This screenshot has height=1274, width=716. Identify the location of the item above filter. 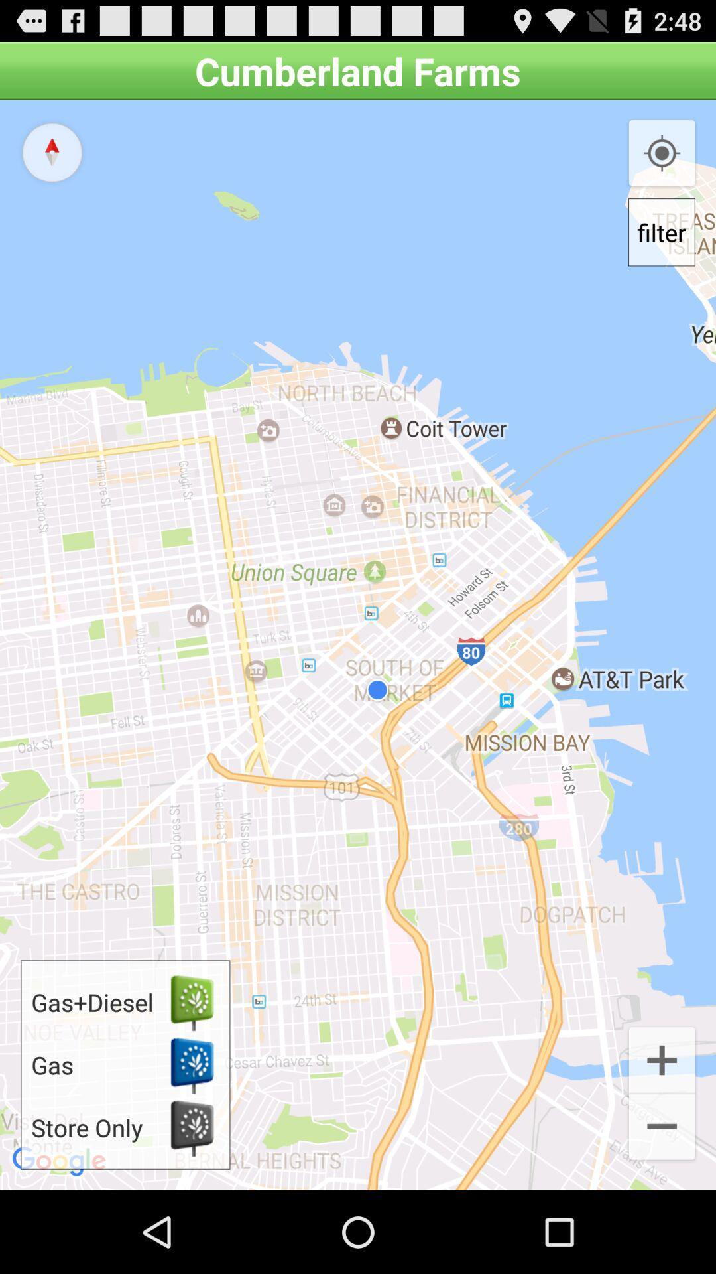
(662, 154).